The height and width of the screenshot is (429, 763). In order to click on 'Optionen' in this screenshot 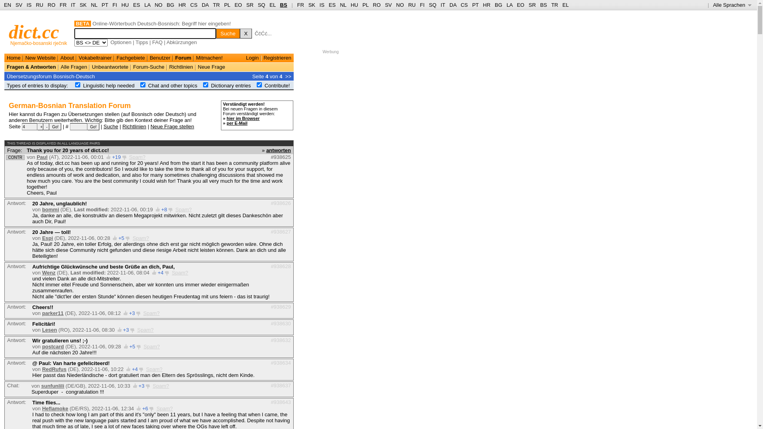, I will do `click(120, 42)`.